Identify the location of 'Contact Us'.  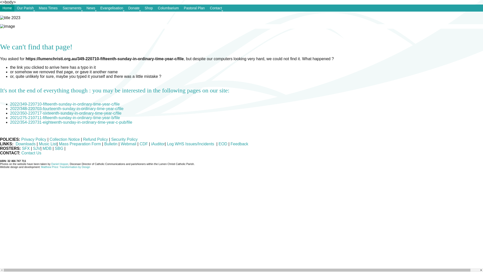
(31, 153).